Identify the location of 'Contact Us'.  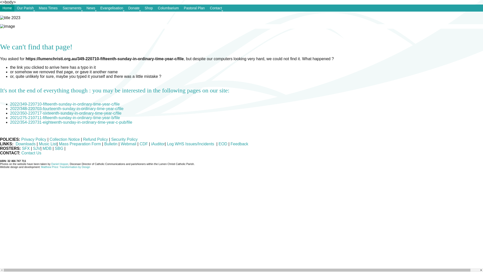
(31, 153).